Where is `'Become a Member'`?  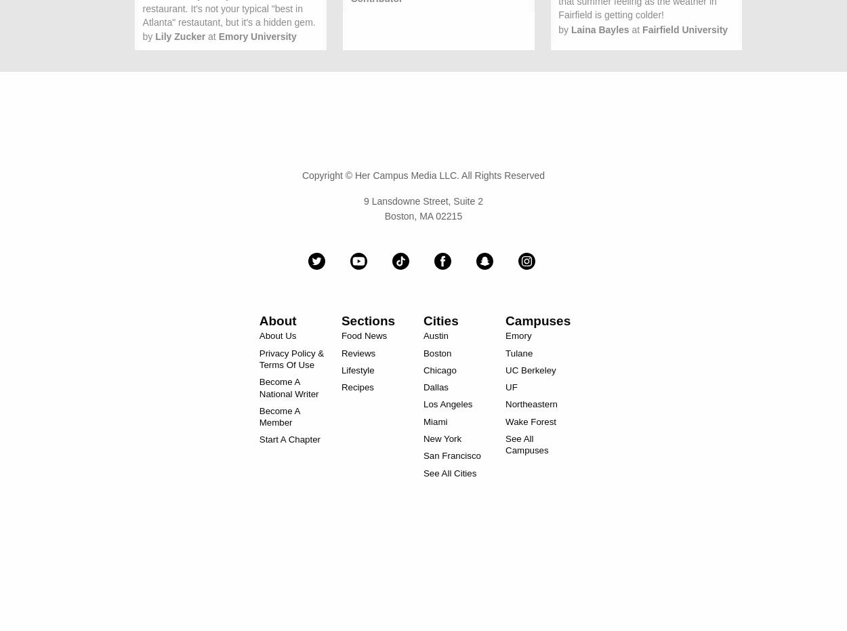 'Become a Member' is located at coordinates (279, 416).